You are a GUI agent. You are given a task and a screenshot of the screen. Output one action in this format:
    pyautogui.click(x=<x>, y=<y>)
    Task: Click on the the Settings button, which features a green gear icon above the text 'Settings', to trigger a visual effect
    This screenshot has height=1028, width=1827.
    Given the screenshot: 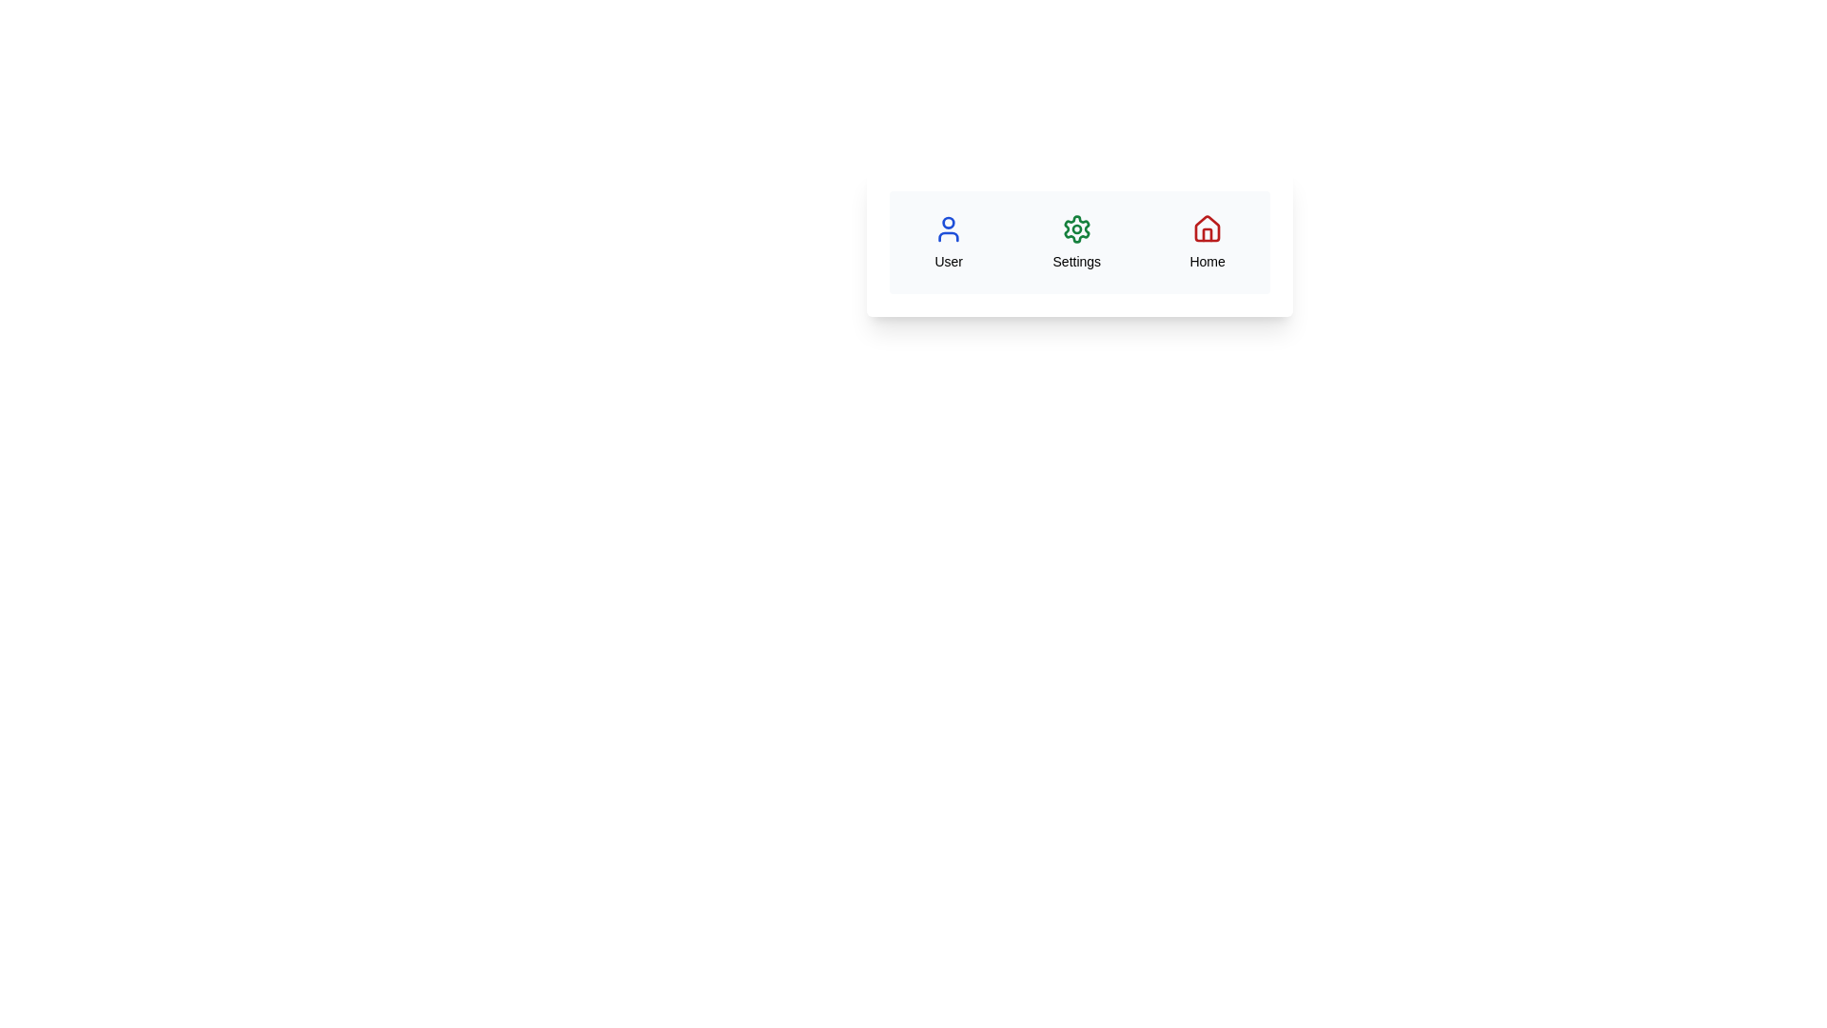 What is the action you would take?
    pyautogui.click(x=1076, y=241)
    